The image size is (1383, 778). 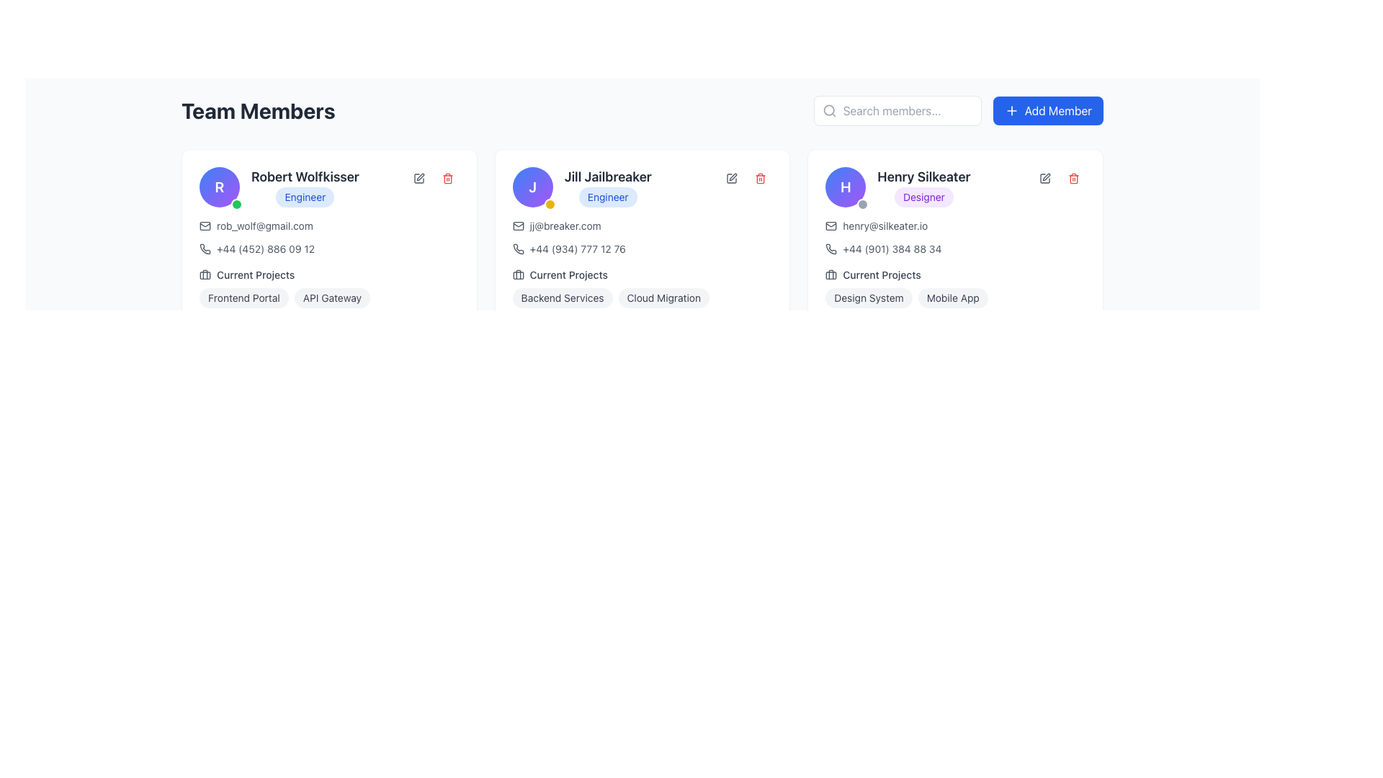 I want to click on the Label Badge displaying the title 'Engineer' located below the name 'Robert Wolfkisser' in the leftmost profile card of the 'Team Members' section, so click(x=279, y=186).